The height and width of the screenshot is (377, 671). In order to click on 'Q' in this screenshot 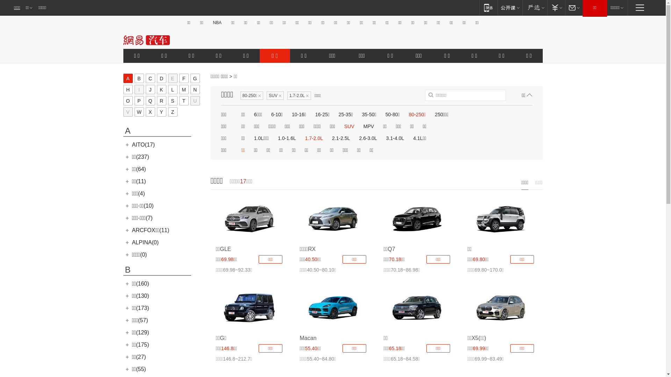, I will do `click(150, 101)`.